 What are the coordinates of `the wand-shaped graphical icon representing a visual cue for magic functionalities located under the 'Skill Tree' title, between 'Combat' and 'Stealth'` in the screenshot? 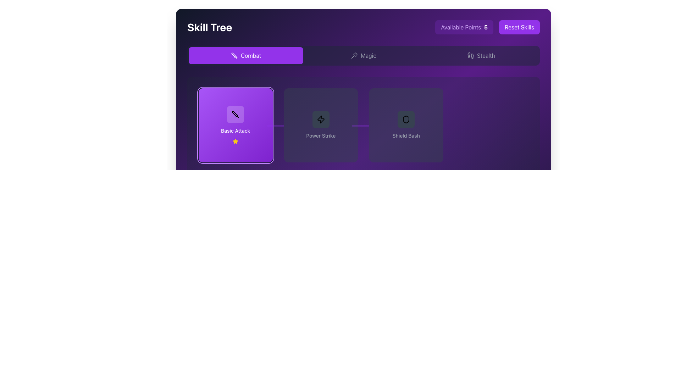 It's located at (354, 55).